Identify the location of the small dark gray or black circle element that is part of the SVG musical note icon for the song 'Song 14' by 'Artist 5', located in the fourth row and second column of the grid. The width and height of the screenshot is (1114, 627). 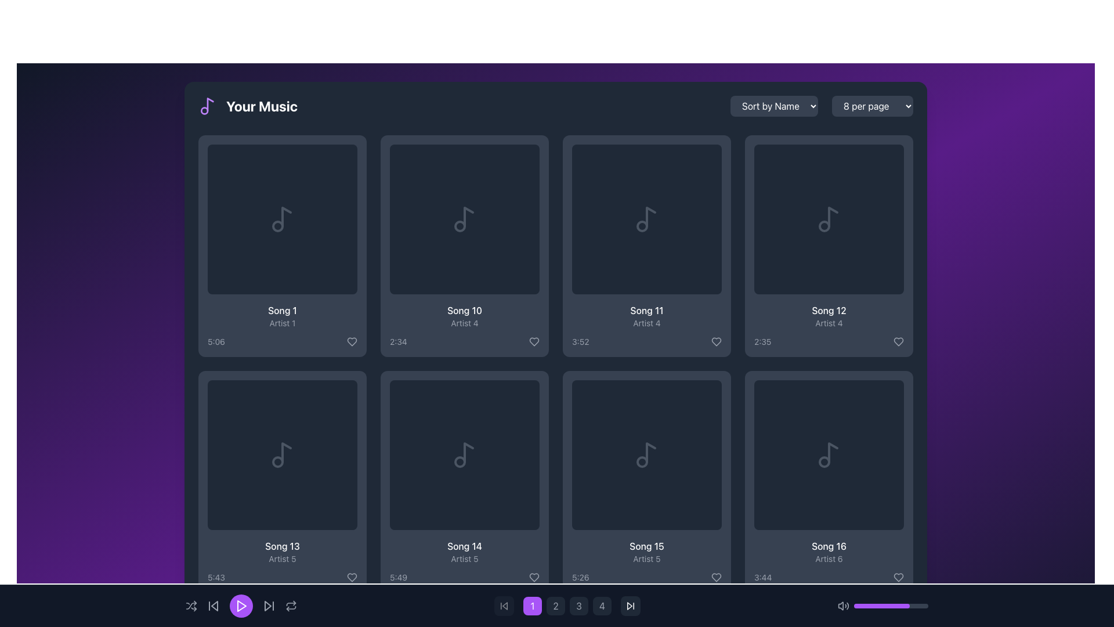
(459, 461).